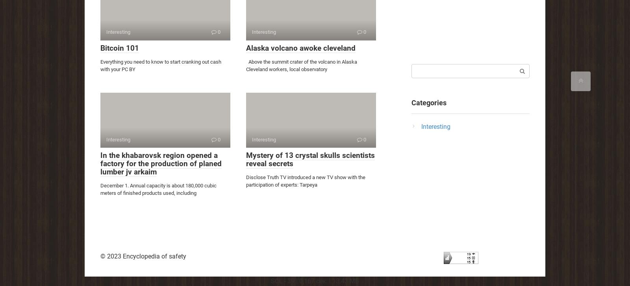 This screenshot has height=286, width=630. What do you see at coordinates (158, 189) in the screenshot?
I see `'December 1. Annual capacity is about 180,000 cubic meters of finished products used, including'` at bounding box center [158, 189].